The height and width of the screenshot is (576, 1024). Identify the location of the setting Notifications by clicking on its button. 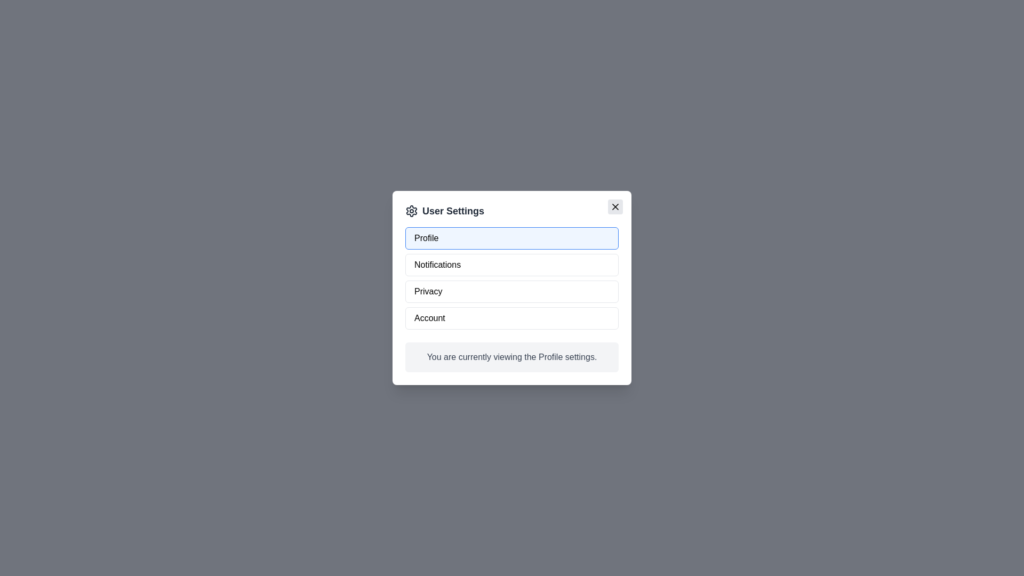
(512, 265).